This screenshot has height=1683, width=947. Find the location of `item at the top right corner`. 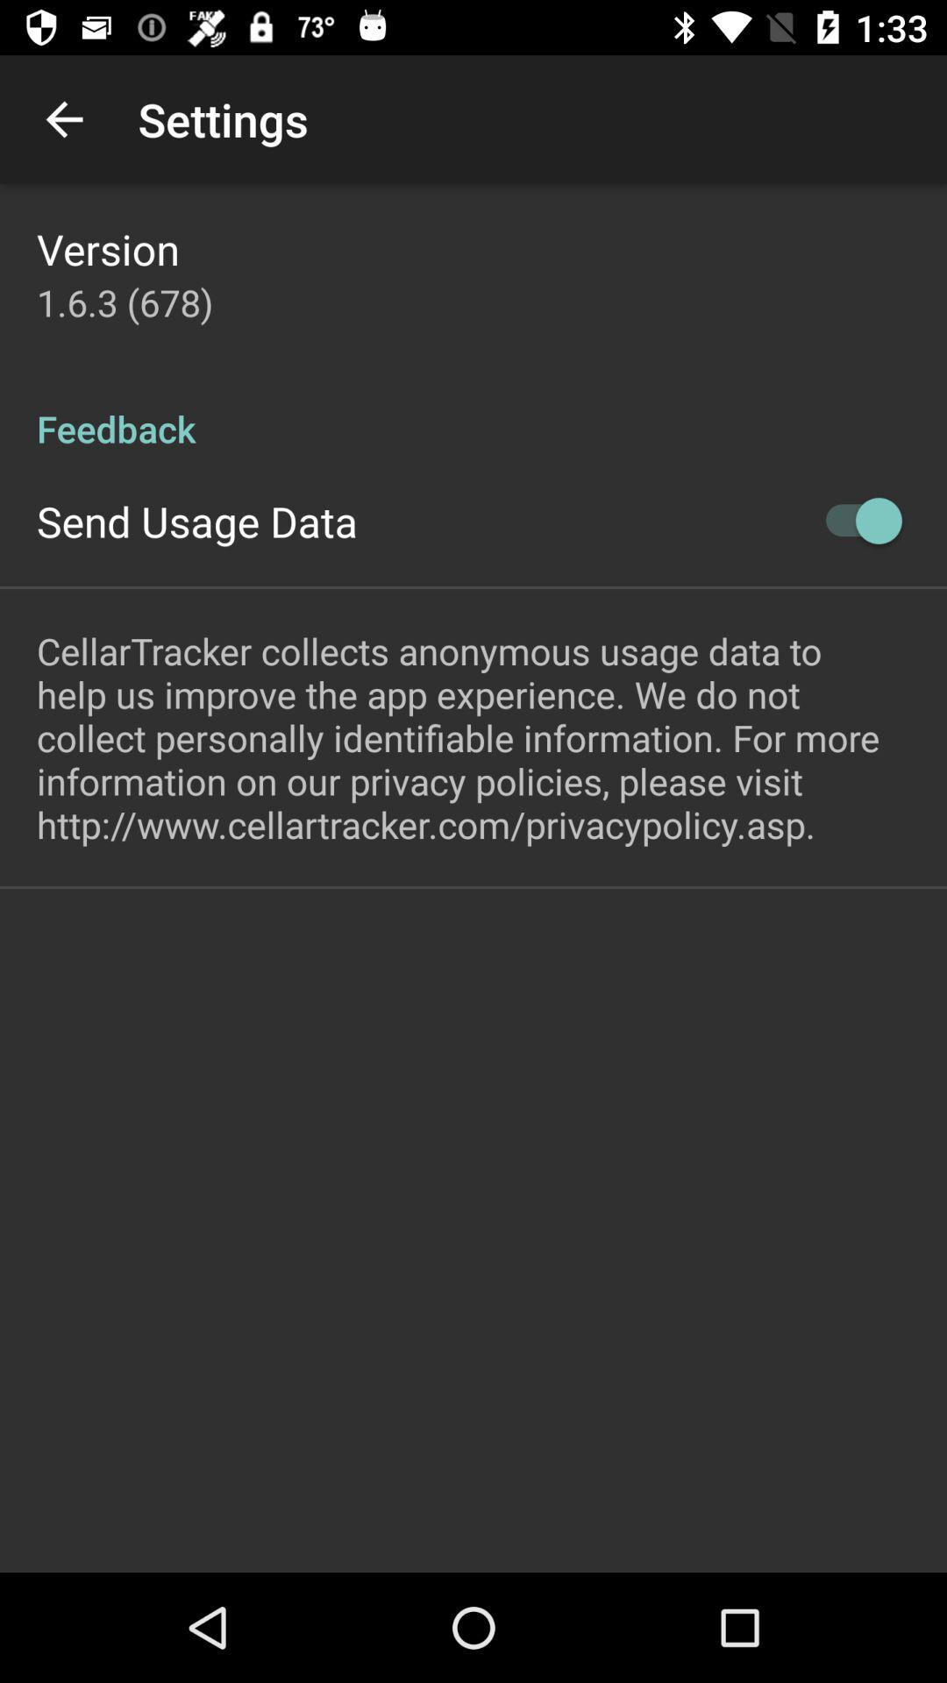

item at the top right corner is located at coordinates (854, 520).